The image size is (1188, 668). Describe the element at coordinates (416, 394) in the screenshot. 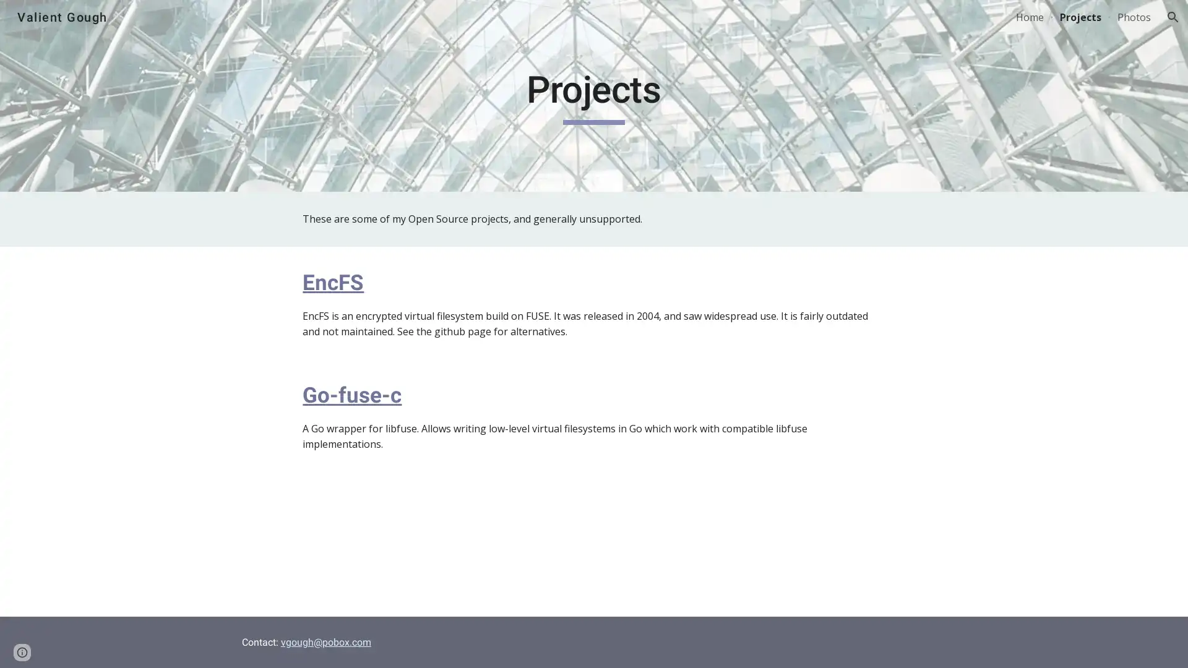

I see `Copy heading link` at that location.